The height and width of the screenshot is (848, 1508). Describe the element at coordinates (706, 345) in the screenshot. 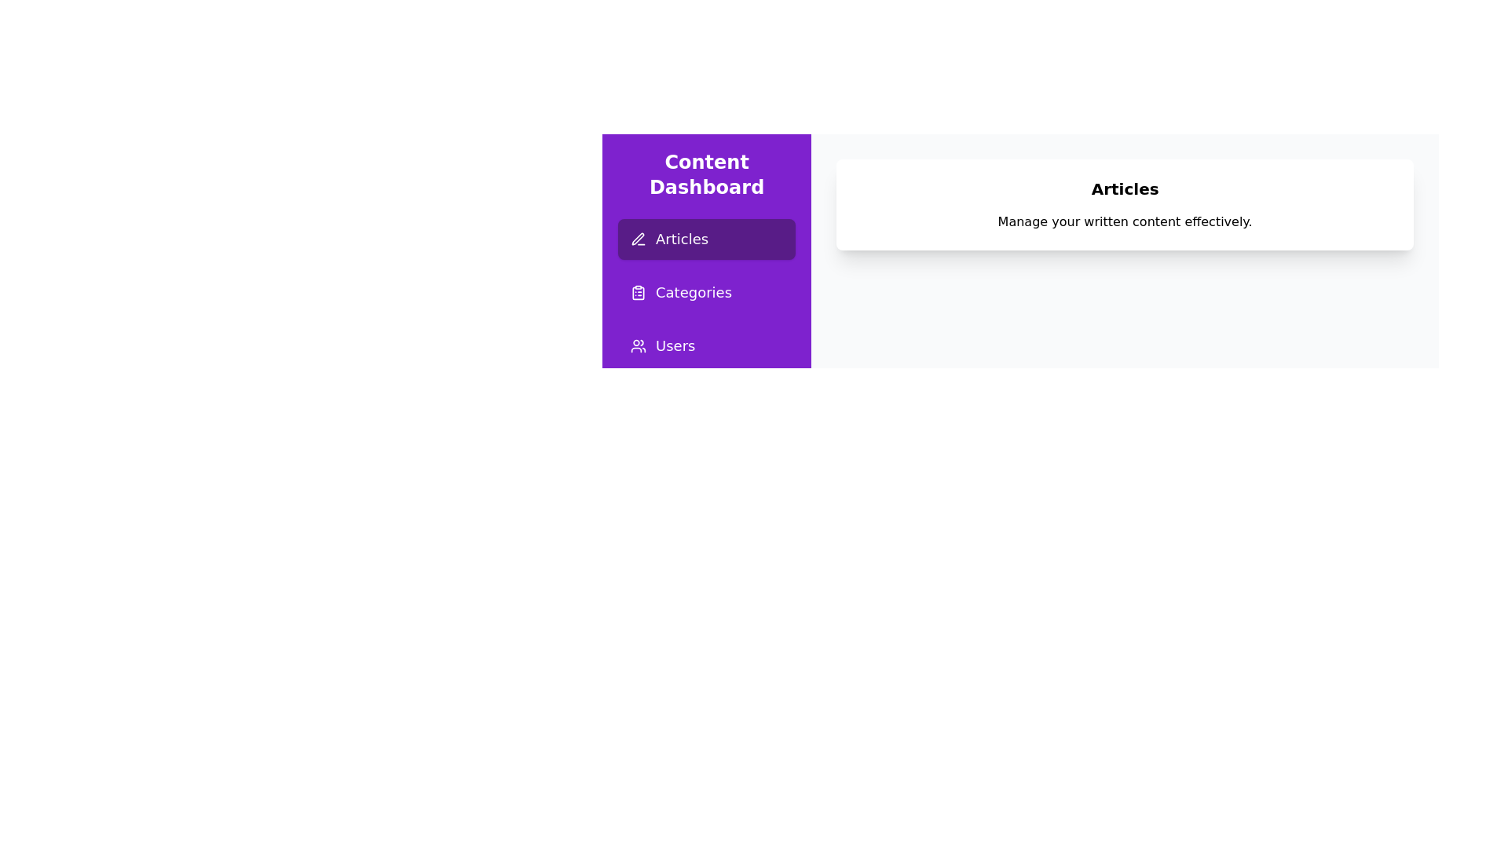

I see `the page Users from the sidebar menu` at that location.